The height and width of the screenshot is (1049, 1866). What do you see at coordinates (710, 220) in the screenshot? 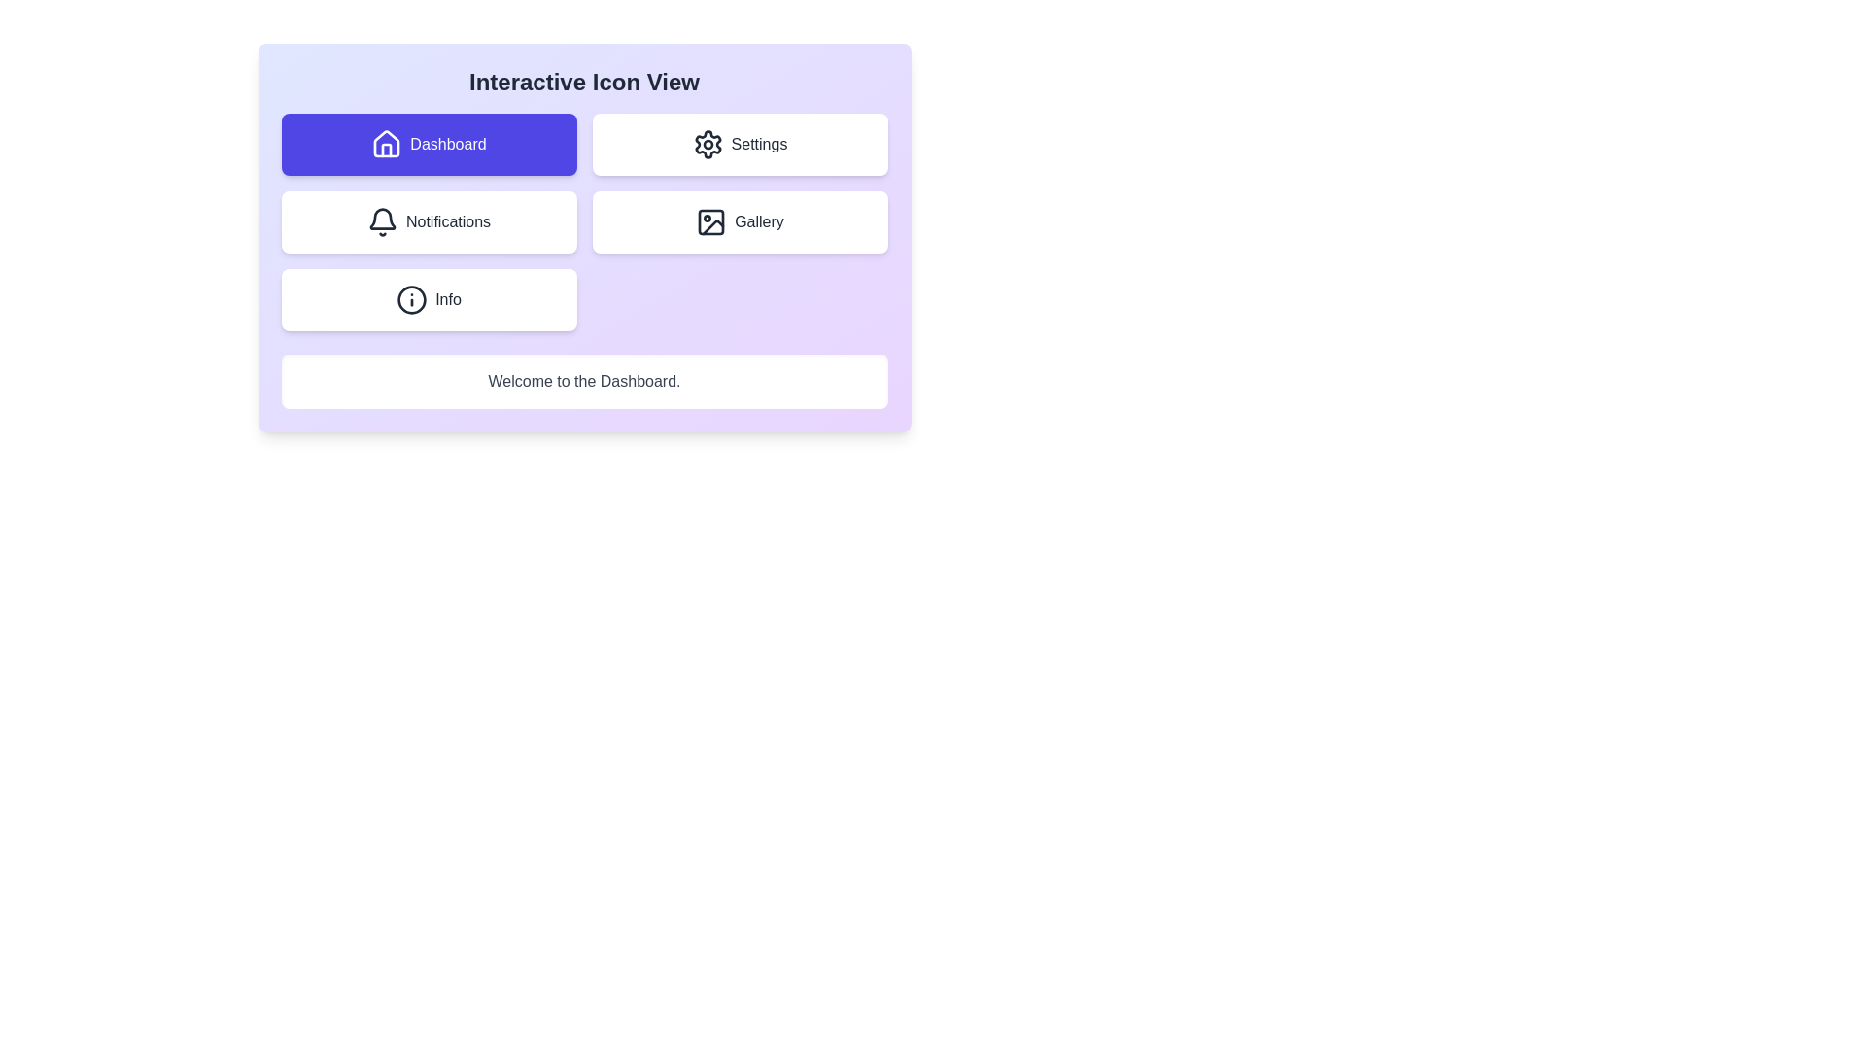
I see `the gallery icon located at the left-most part of the 'Gallery' button` at bounding box center [710, 220].